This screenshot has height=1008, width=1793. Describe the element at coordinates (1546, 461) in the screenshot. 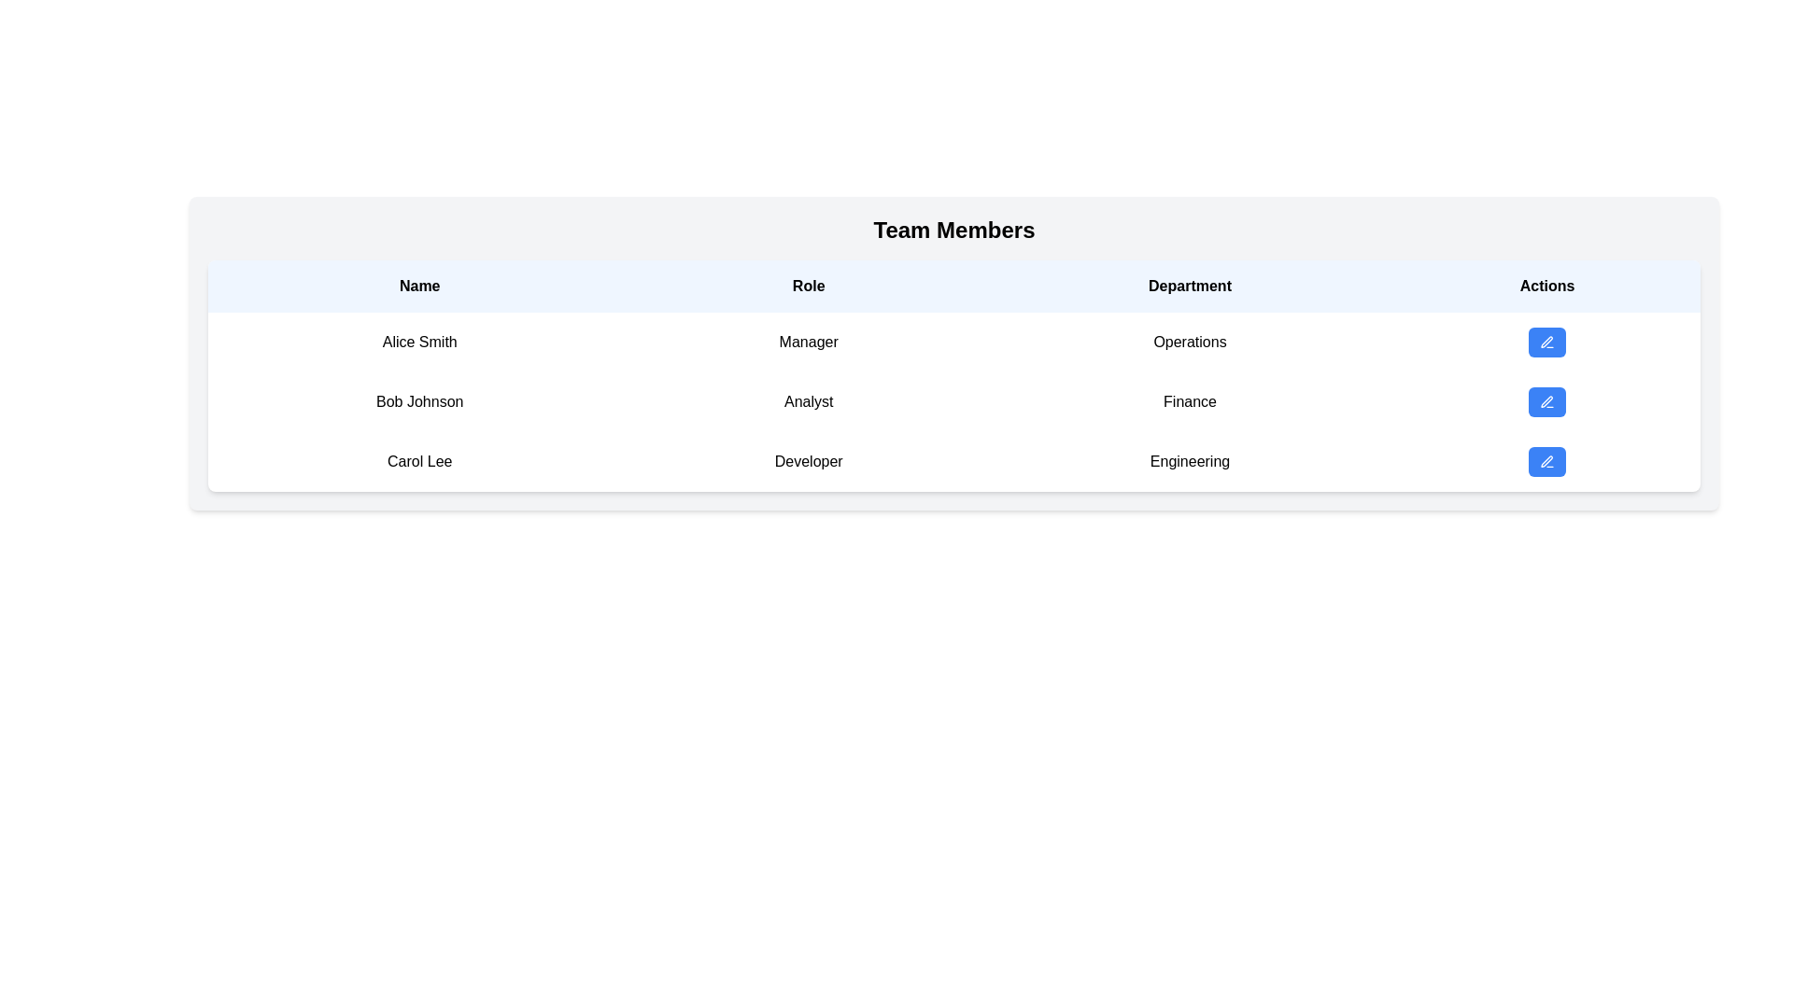

I see `the blue circular button with a pen icon located in the last column of the table row for 'Carol Lee' under the 'Actions' header` at that location.